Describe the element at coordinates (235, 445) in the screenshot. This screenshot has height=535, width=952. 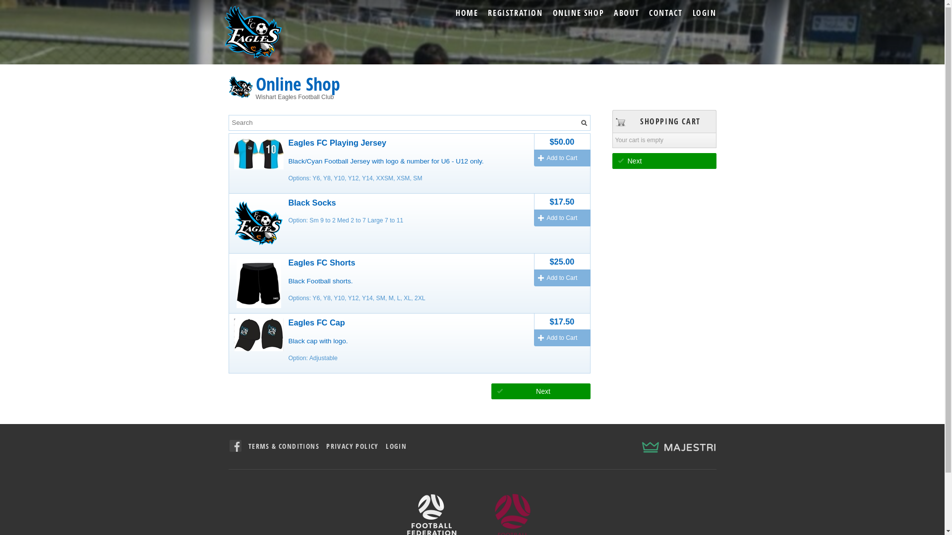
I see `'FACEBOOK'` at that location.